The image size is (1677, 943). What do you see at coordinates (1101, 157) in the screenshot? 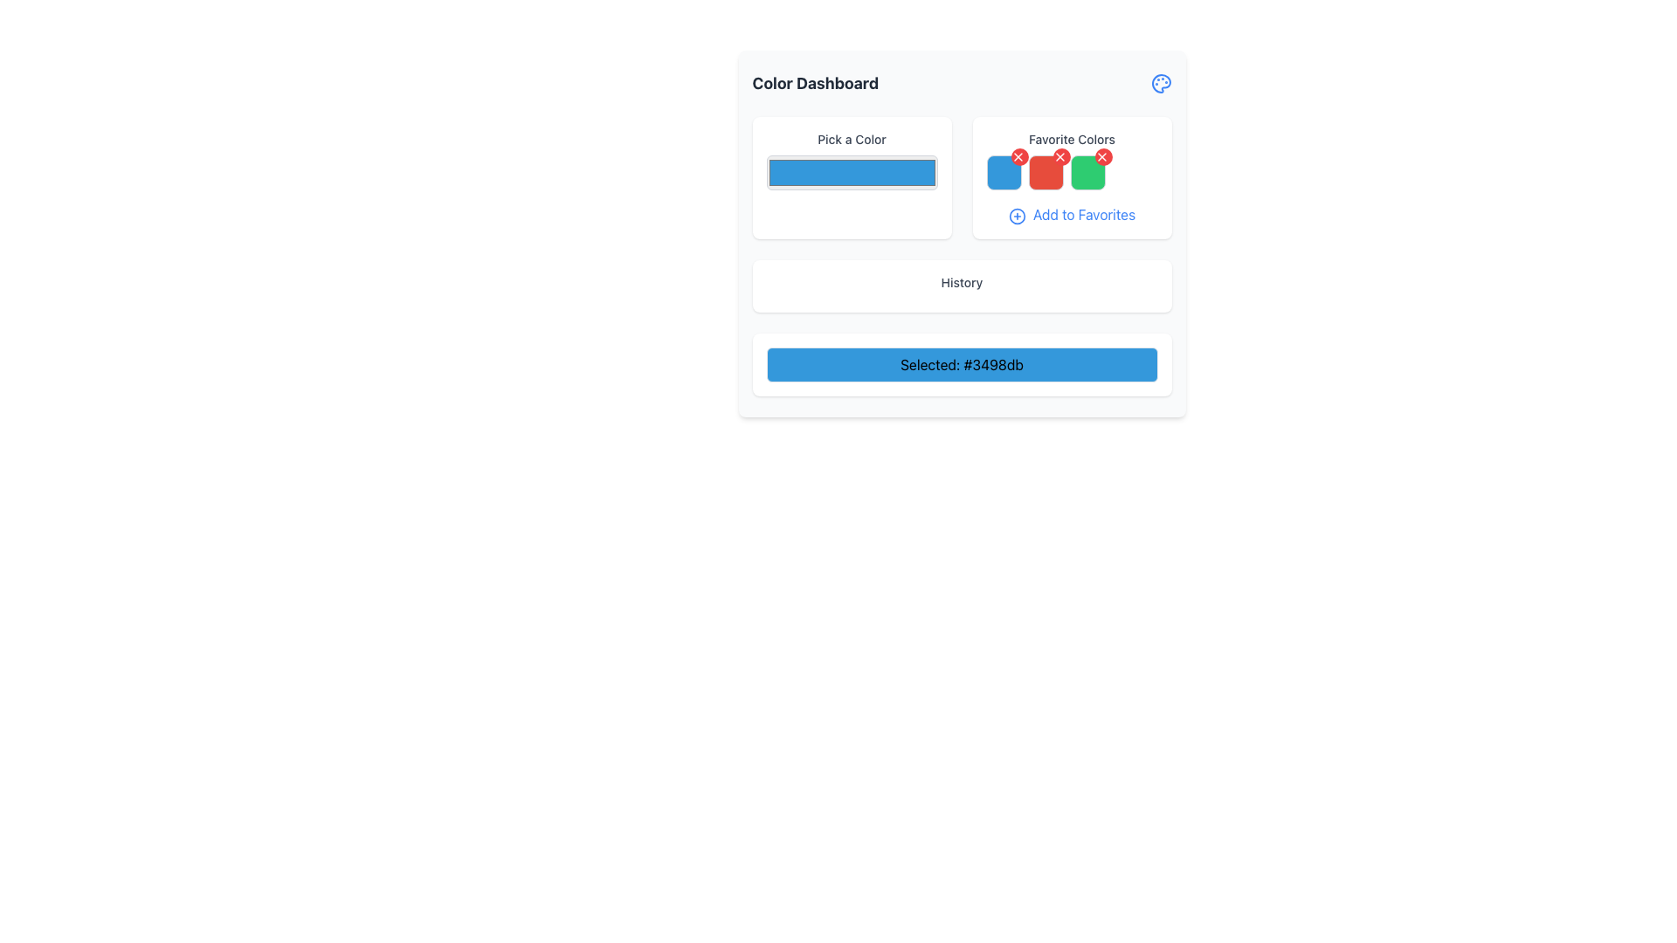
I see `the compact 'X' icon on the Delete button located in the top-right corner of the red square representing one of the 'Favorite Colors'` at bounding box center [1101, 157].